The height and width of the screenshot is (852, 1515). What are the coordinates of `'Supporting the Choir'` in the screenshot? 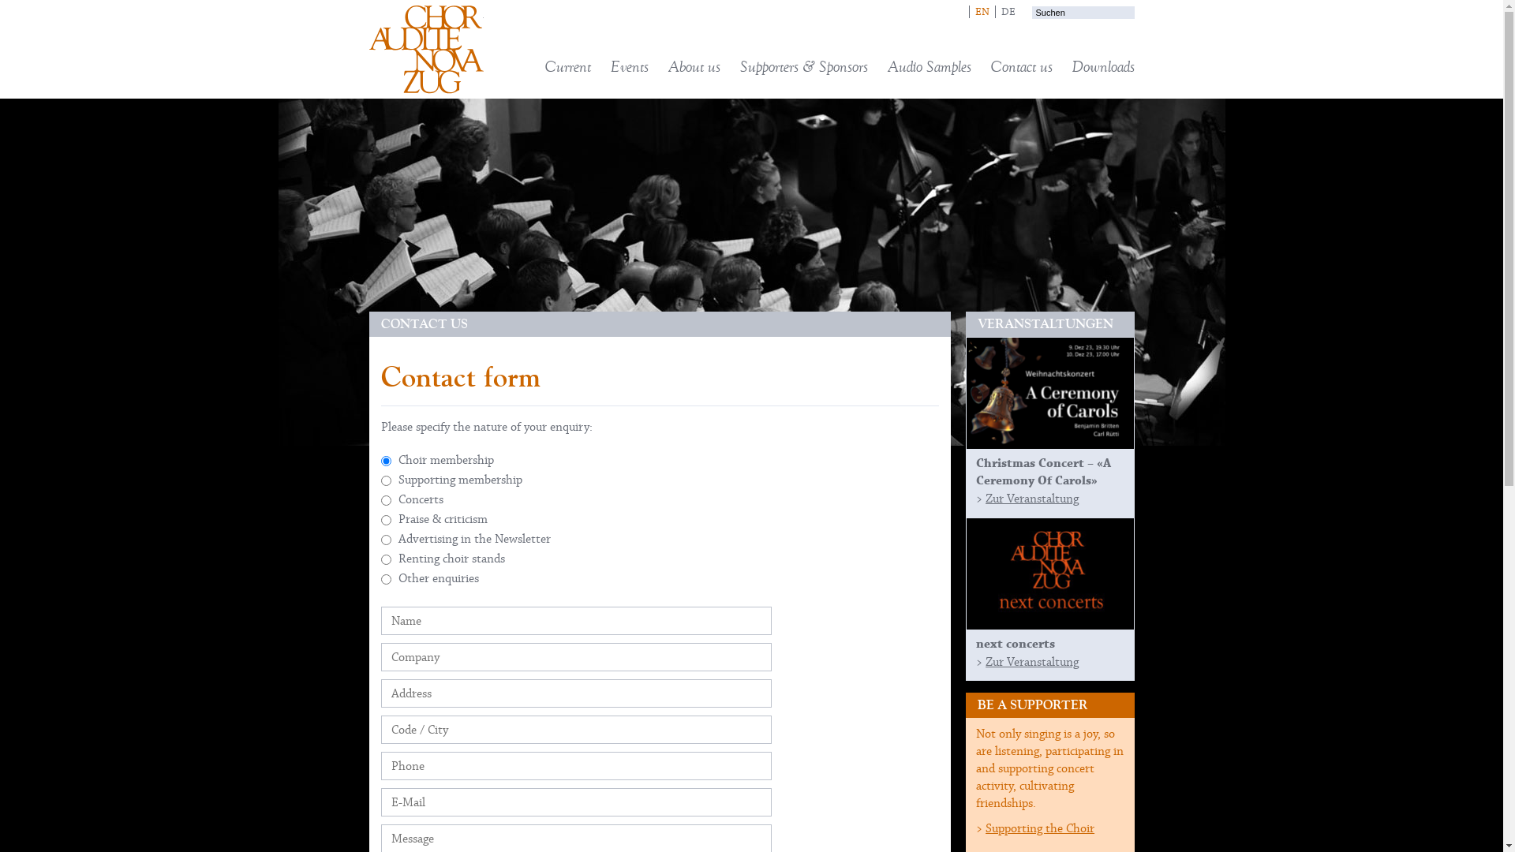 It's located at (1040, 827).